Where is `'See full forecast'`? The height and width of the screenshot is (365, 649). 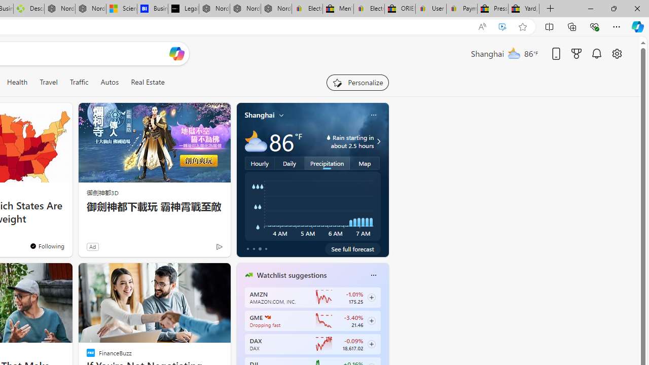
'See full forecast' is located at coordinates (352, 249).